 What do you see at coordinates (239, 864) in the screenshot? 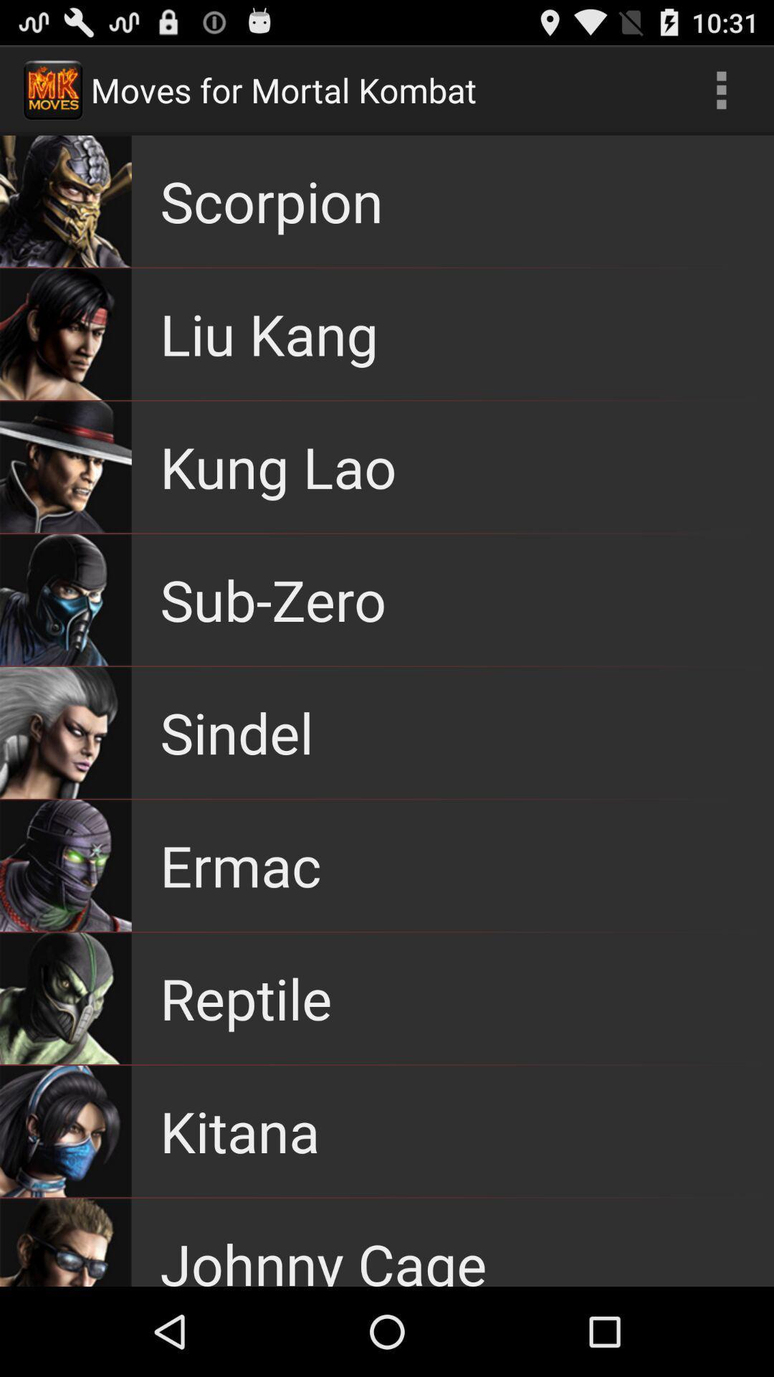
I see `item below the sindel` at bounding box center [239, 864].